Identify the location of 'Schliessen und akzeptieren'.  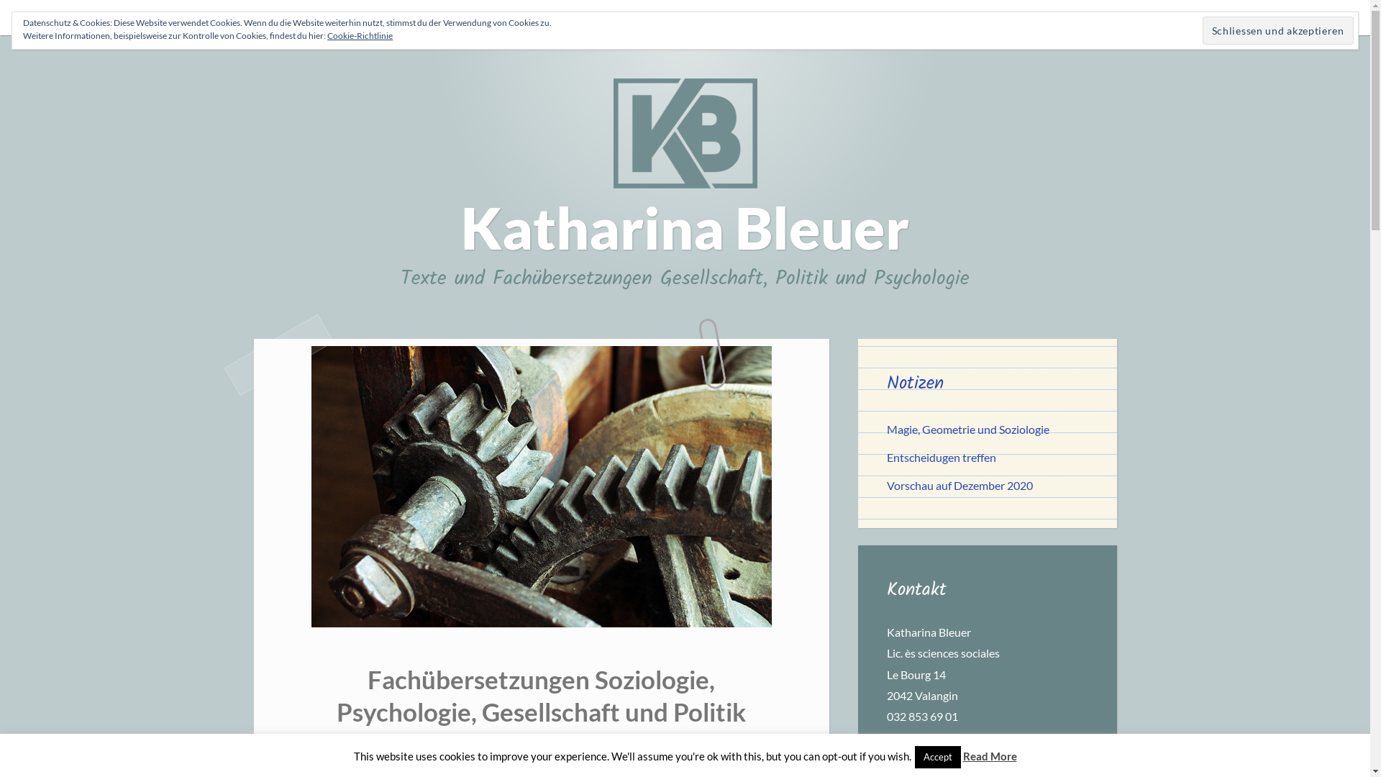
(1277, 30).